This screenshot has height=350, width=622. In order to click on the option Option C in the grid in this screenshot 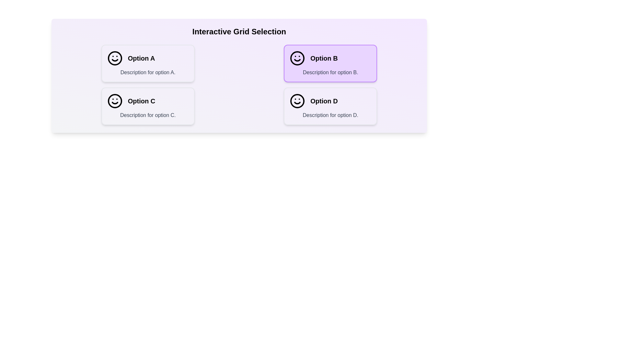, I will do `click(147, 106)`.